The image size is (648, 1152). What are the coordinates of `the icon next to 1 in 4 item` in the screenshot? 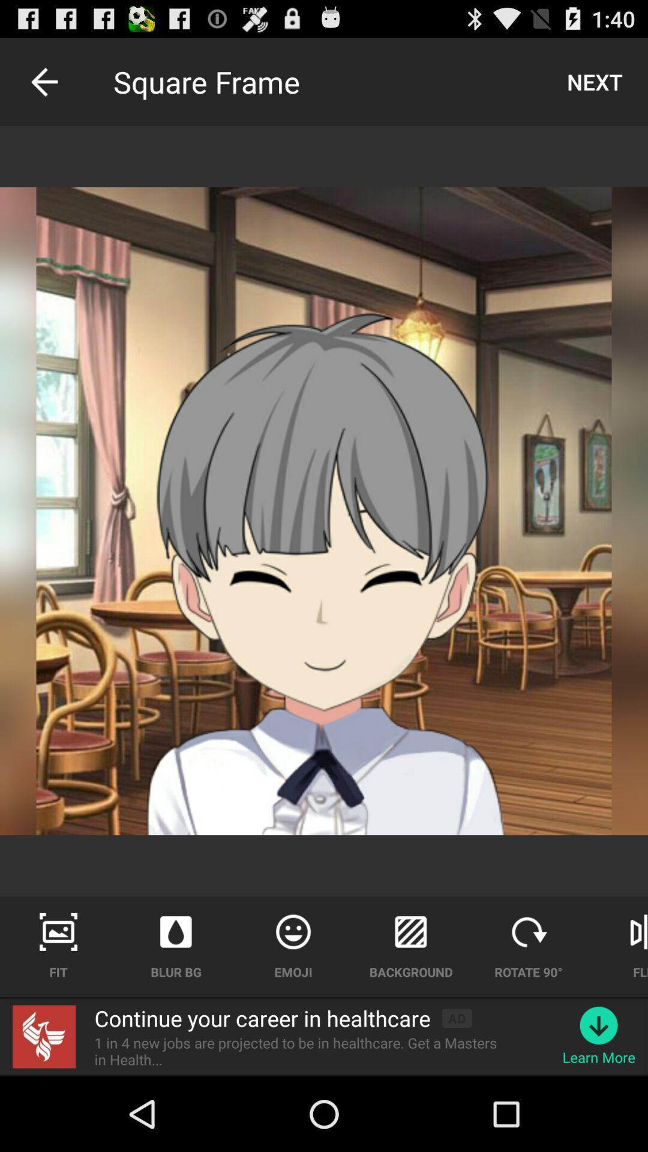 It's located at (599, 1025).